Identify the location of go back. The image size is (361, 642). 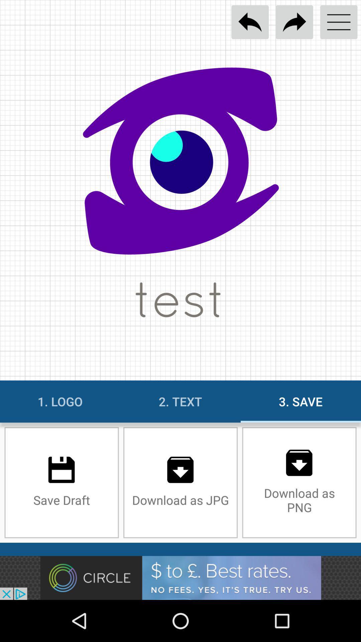
(250, 22).